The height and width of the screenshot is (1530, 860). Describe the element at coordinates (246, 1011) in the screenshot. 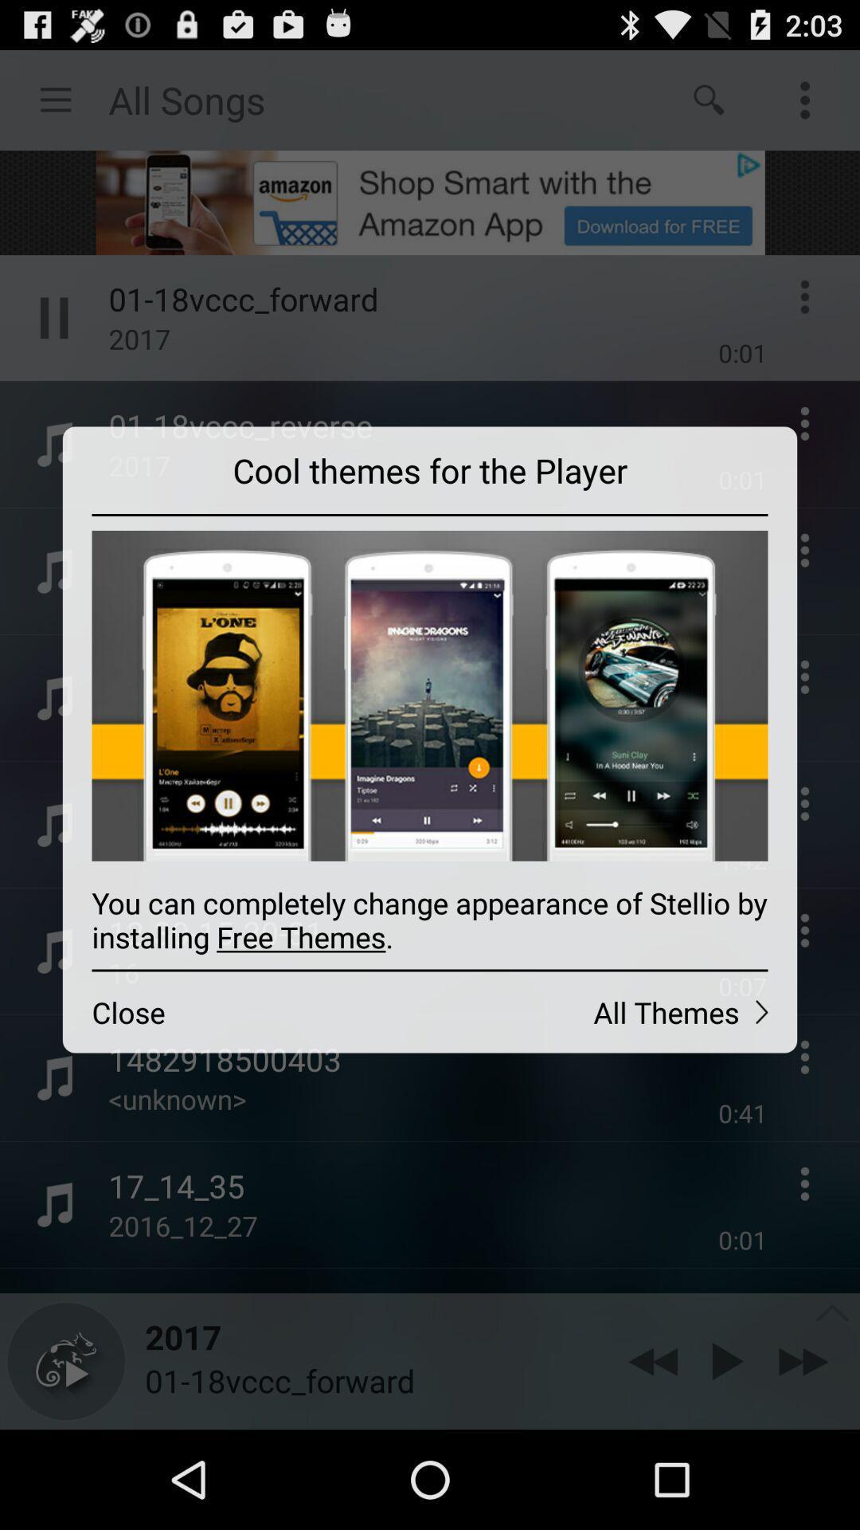

I see `app on the left` at that location.